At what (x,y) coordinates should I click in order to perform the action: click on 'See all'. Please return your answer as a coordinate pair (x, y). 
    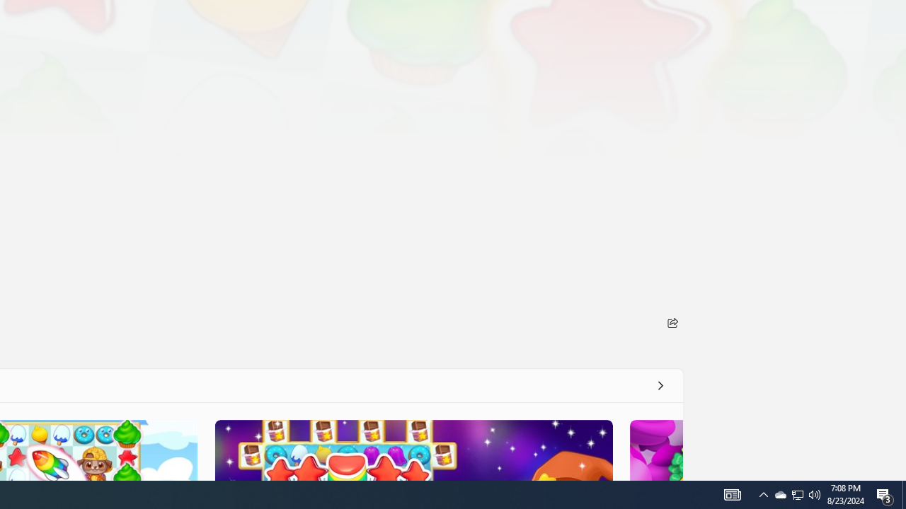
    Looking at the image, I should click on (659, 385).